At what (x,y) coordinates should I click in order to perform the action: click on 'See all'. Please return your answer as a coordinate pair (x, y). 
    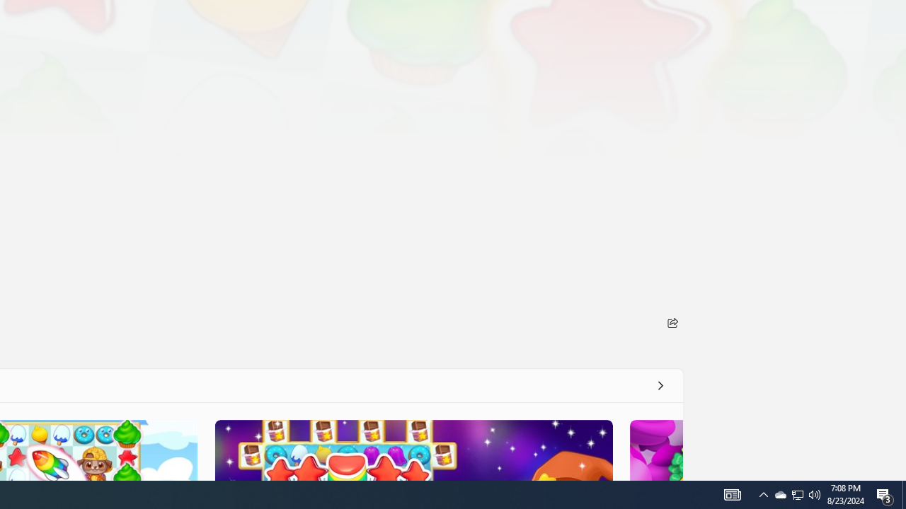
    Looking at the image, I should click on (659, 385).